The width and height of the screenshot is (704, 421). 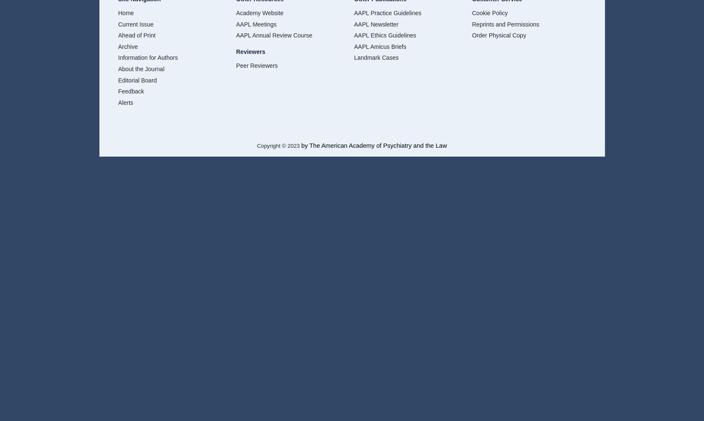 What do you see at coordinates (250, 51) in the screenshot?
I see `'Reviewers'` at bounding box center [250, 51].